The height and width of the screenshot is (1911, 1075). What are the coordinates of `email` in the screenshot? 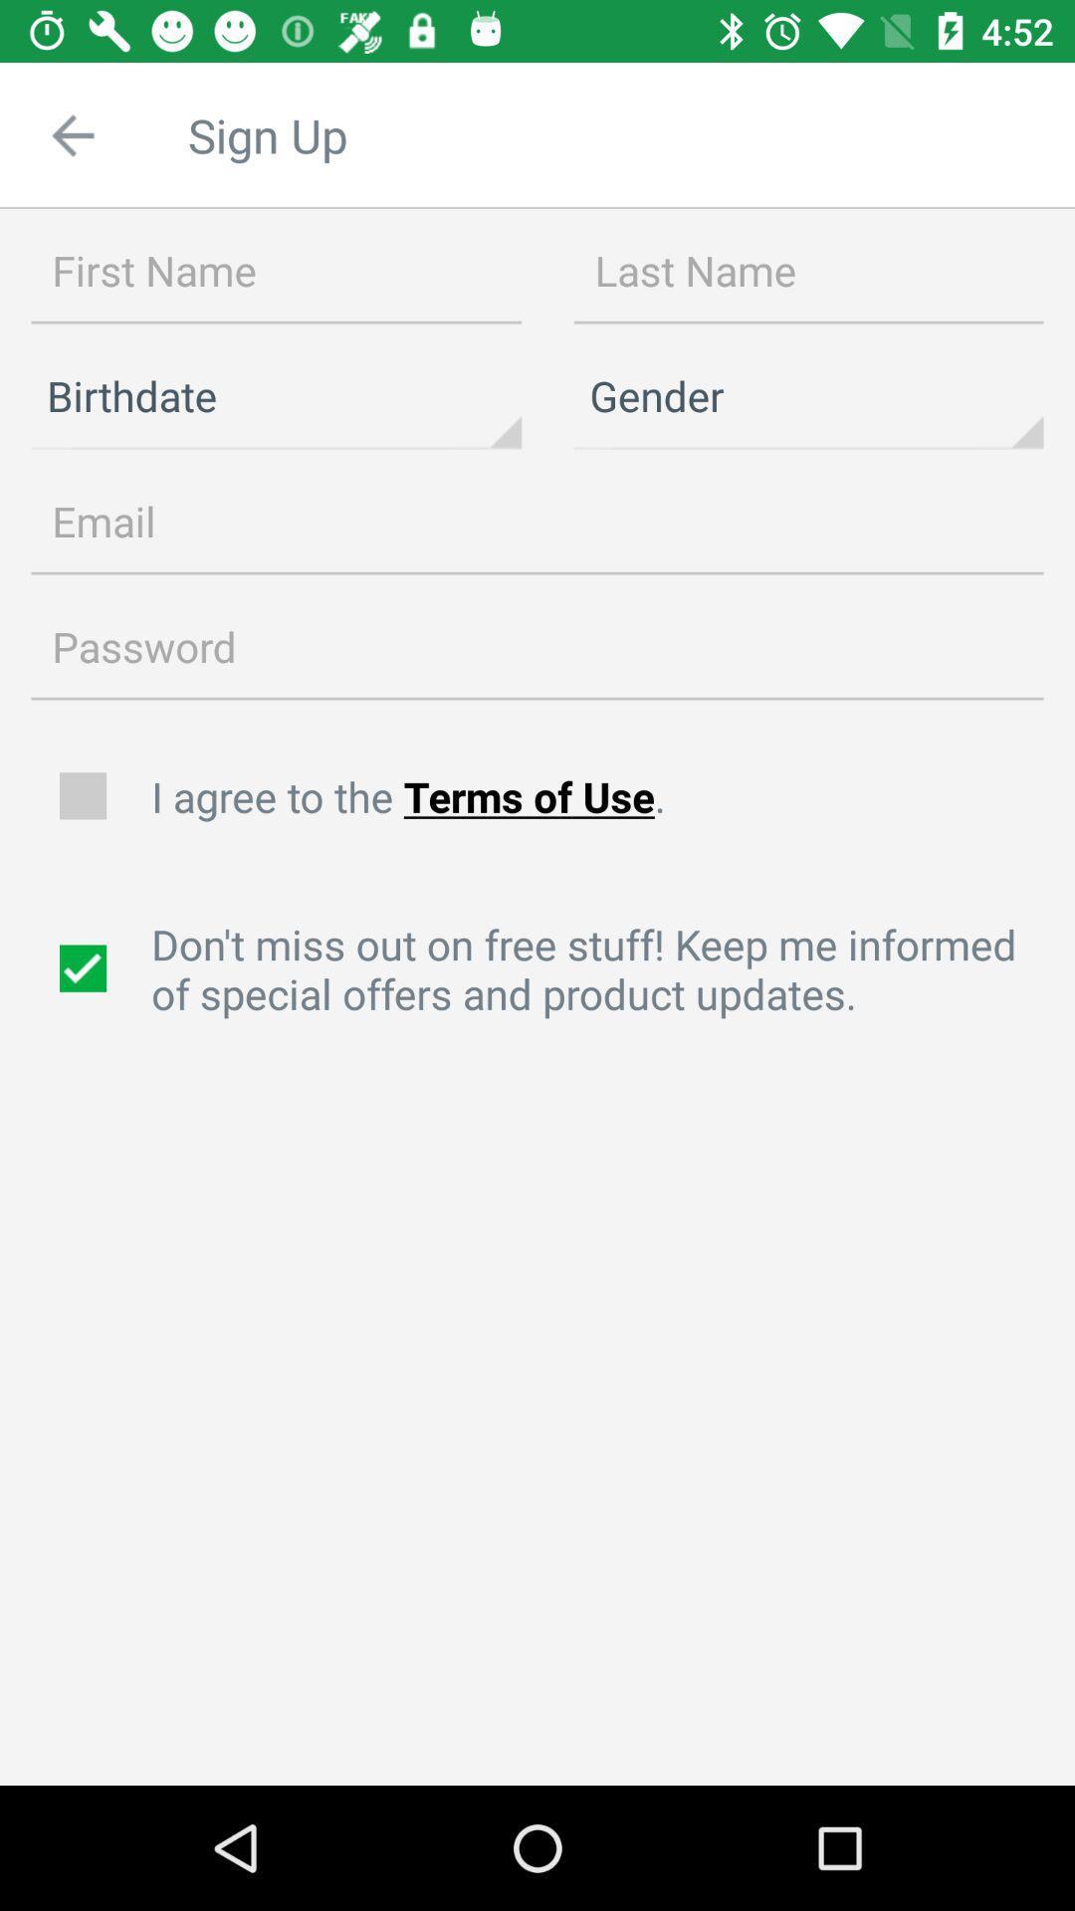 It's located at (537, 522).